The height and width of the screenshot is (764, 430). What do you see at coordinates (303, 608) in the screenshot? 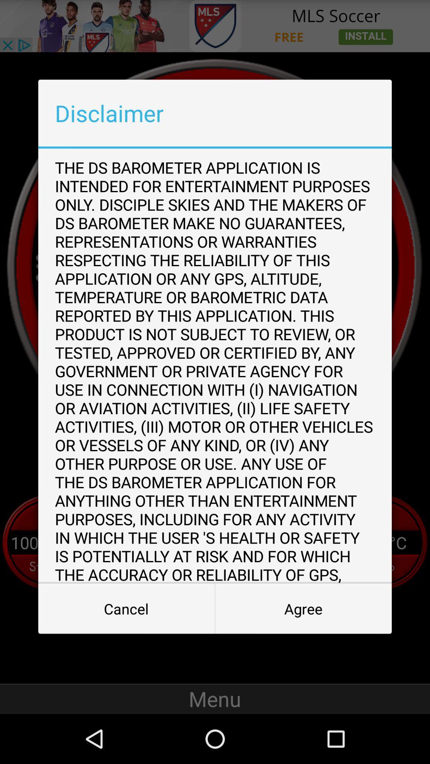
I see `the app below the the ds barometer` at bounding box center [303, 608].